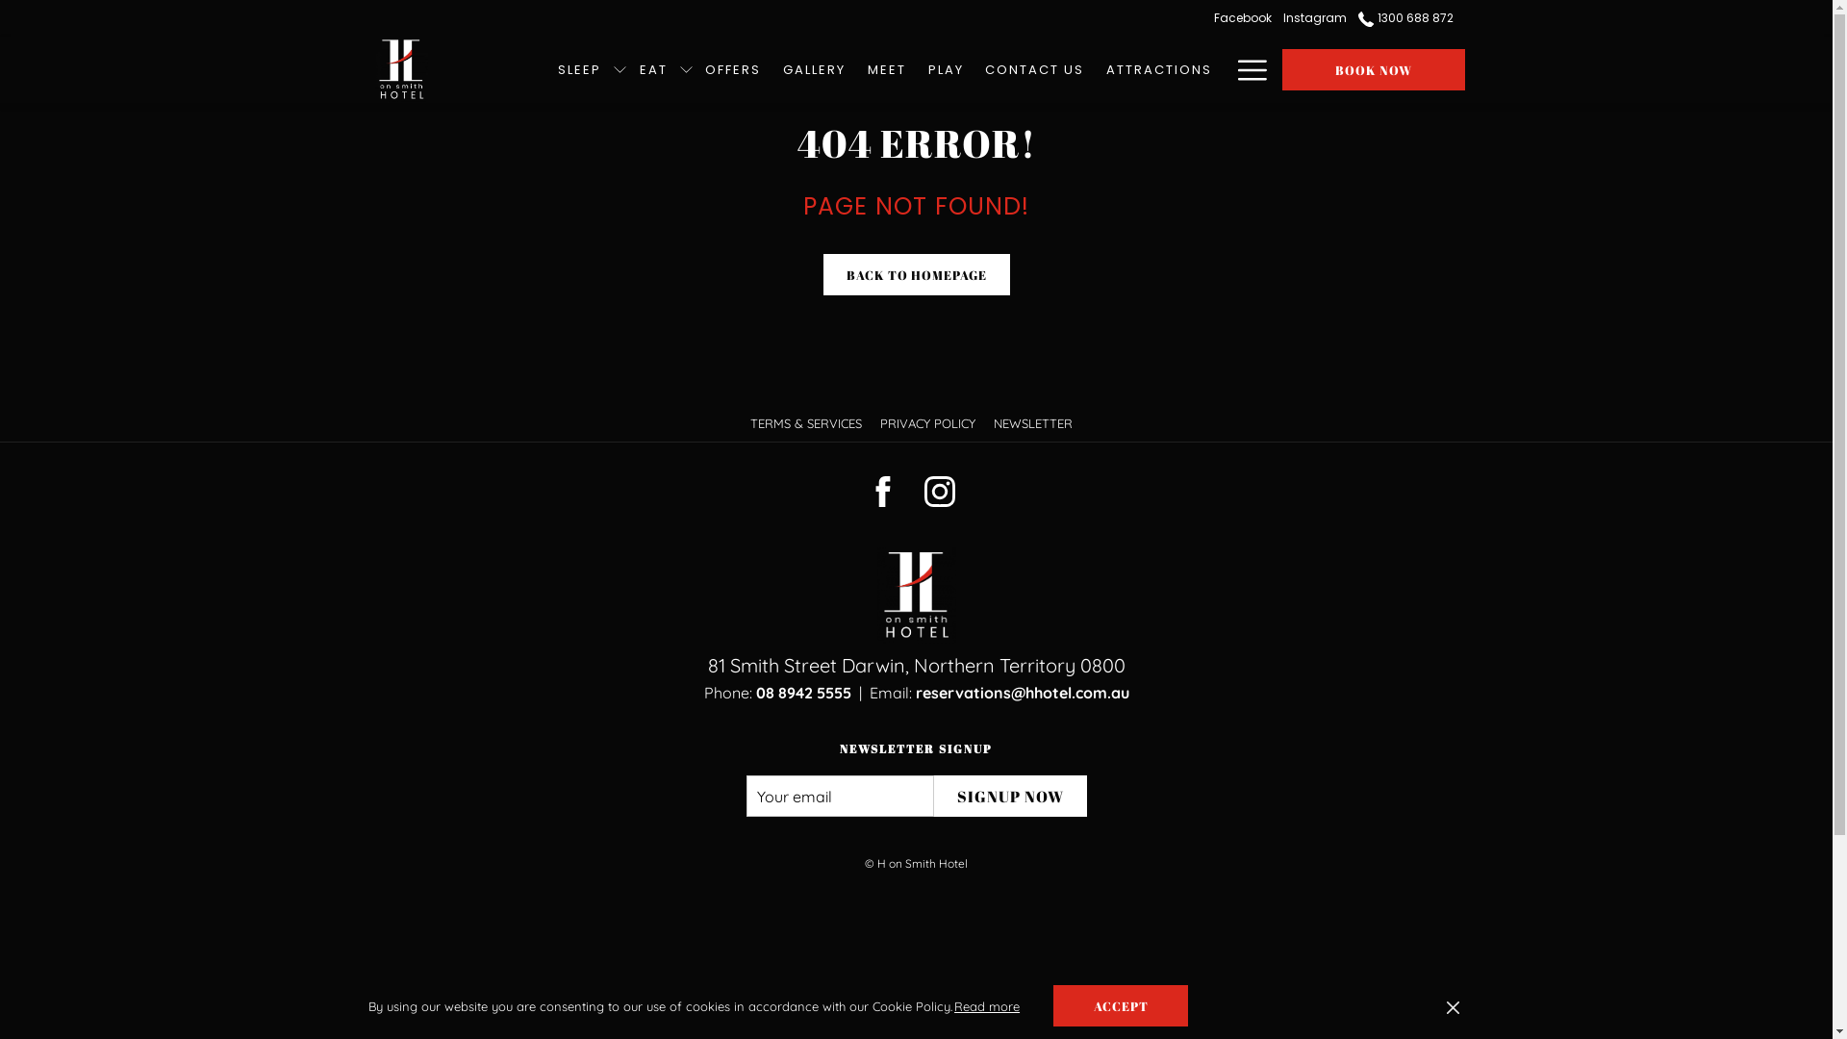 This screenshot has width=1847, height=1039. Describe the element at coordinates (636, 68) in the screenshot. I see `'EAT'` at that location.